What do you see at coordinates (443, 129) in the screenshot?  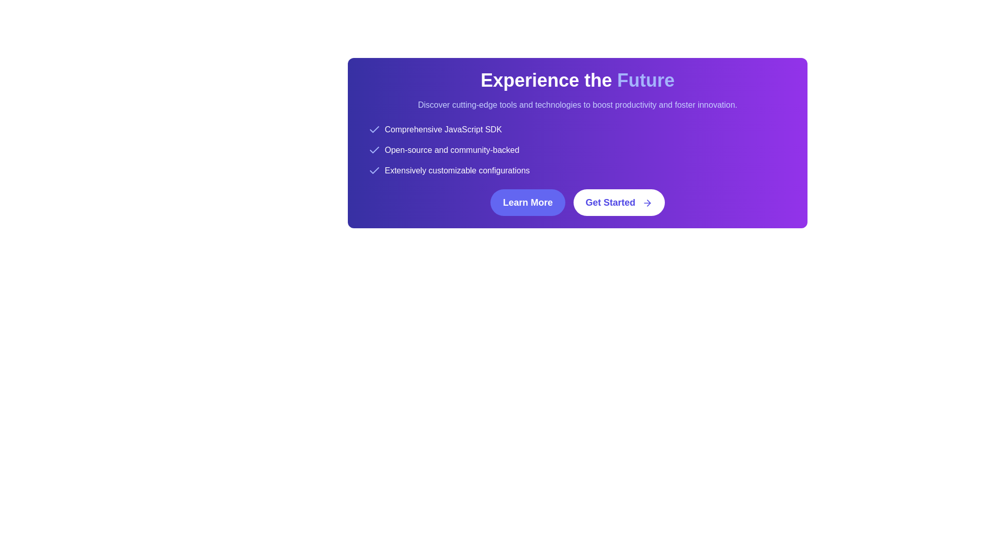 I see `the Text Label displaying 'Comprehensive JavaScript SDK' which has a white font on a purple background, located at the top of a vertical list` at bounding box center [443, 129].